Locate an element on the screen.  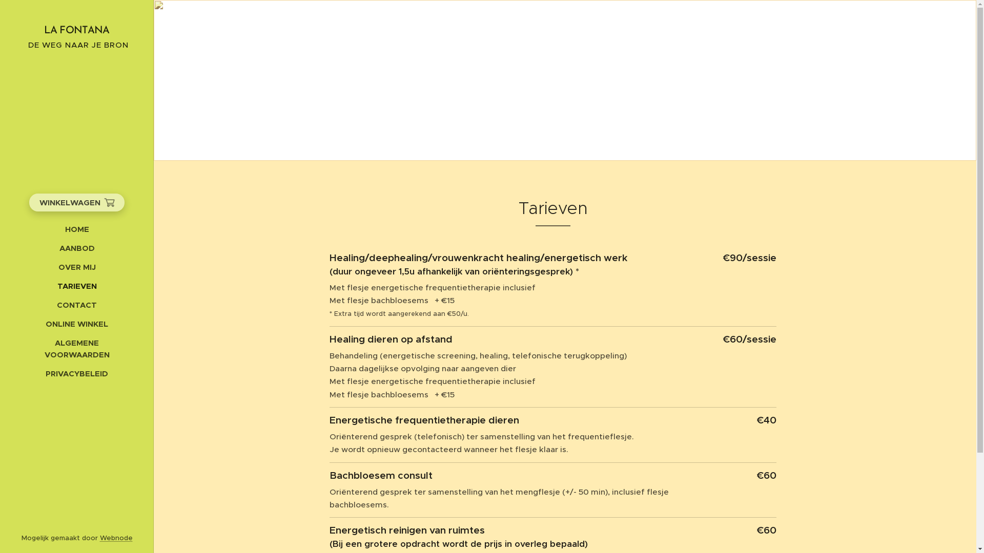
'ALGEMENE VOORWAARDEN' is located at coordinates (76, 348).